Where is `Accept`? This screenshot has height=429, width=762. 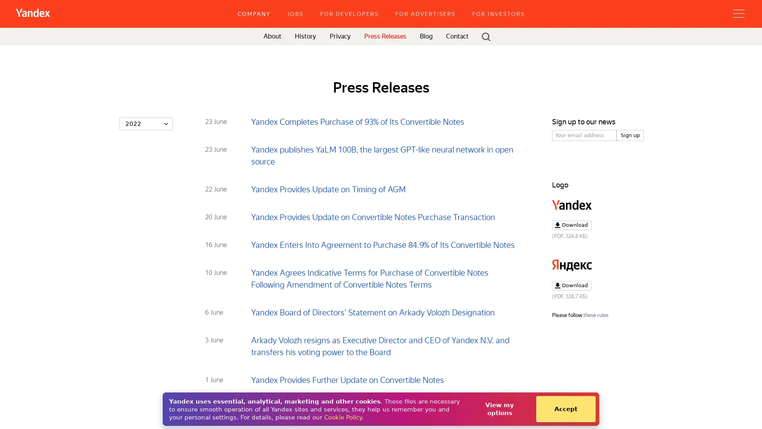
Accept is located at coordinates (565, 409).